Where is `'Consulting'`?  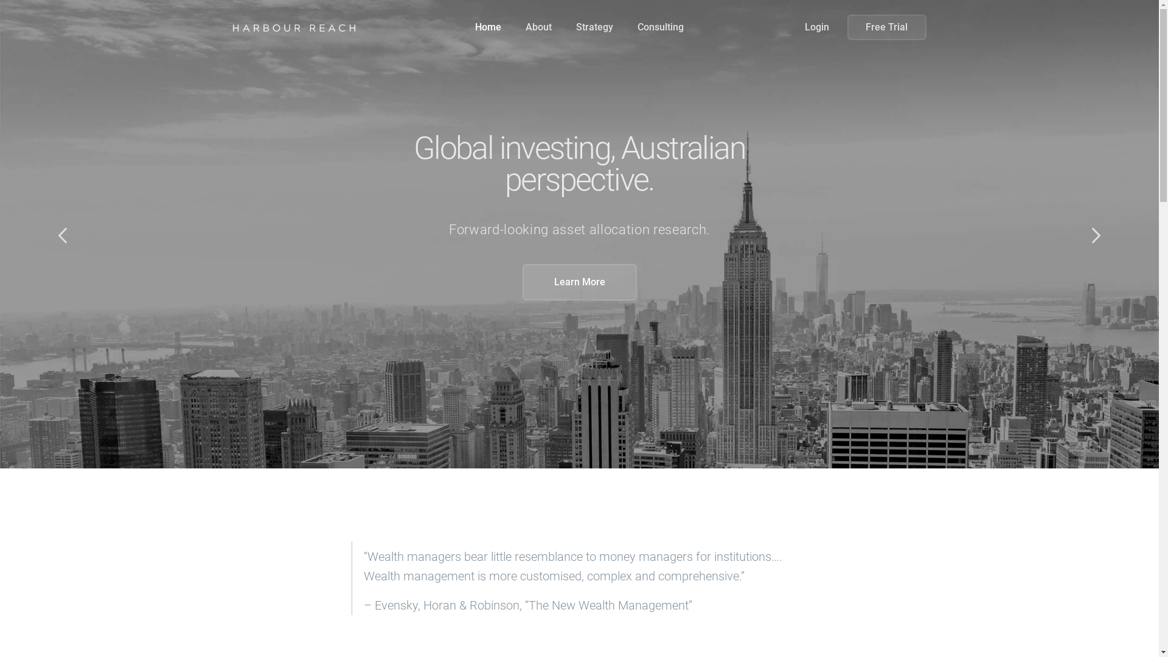 'Consulting' is located at coordinates (659, 27).